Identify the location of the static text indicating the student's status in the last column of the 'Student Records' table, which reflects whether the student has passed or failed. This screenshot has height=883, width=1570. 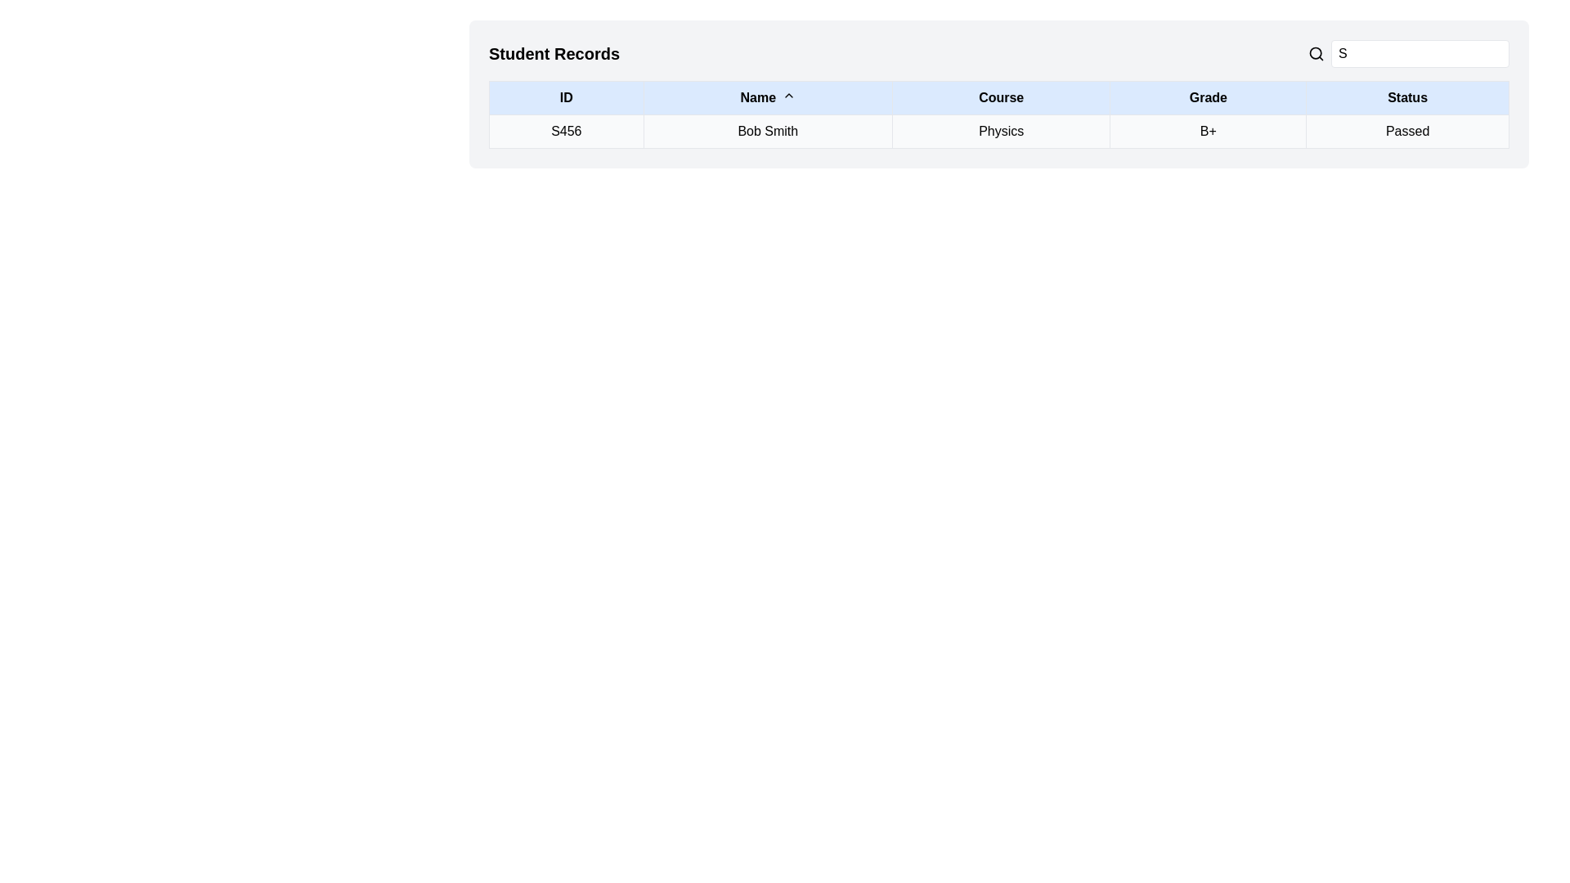
(1406, 131).